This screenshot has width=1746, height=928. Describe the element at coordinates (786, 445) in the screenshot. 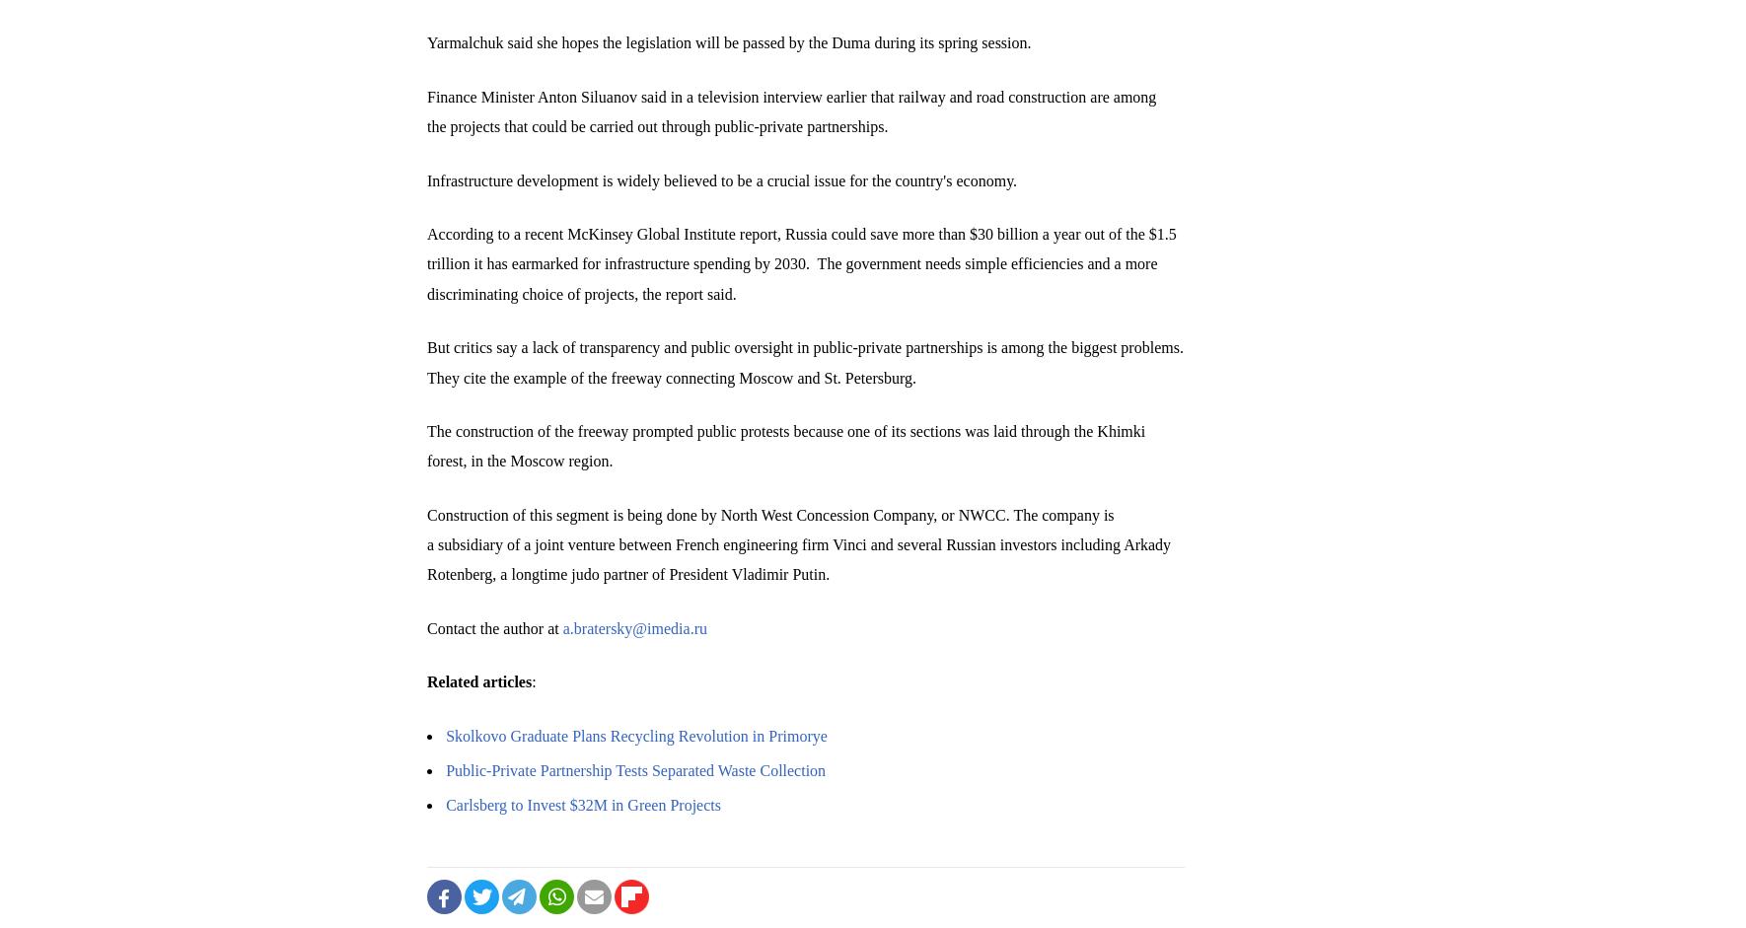

I see `'The construction of the freeway prompted public protests because one of its sections was laid through the Khimki forest, in the Moscow region.'` at that location.